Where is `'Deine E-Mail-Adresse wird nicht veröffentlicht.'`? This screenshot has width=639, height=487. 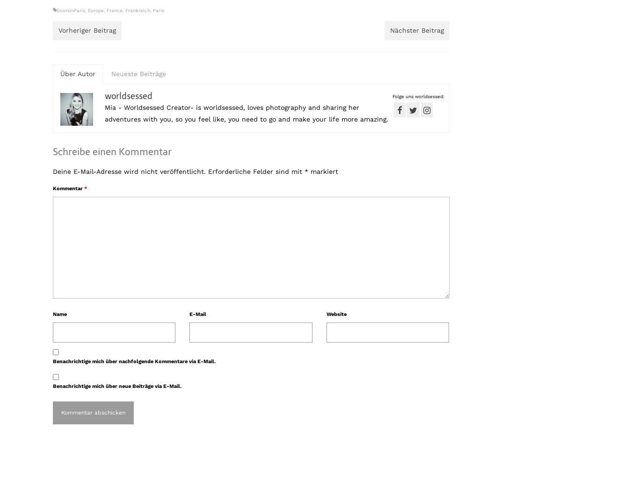 'Deine E-Mail-Adresse wird nicht veröffentlicht.' is located at coordinates (129, 171).